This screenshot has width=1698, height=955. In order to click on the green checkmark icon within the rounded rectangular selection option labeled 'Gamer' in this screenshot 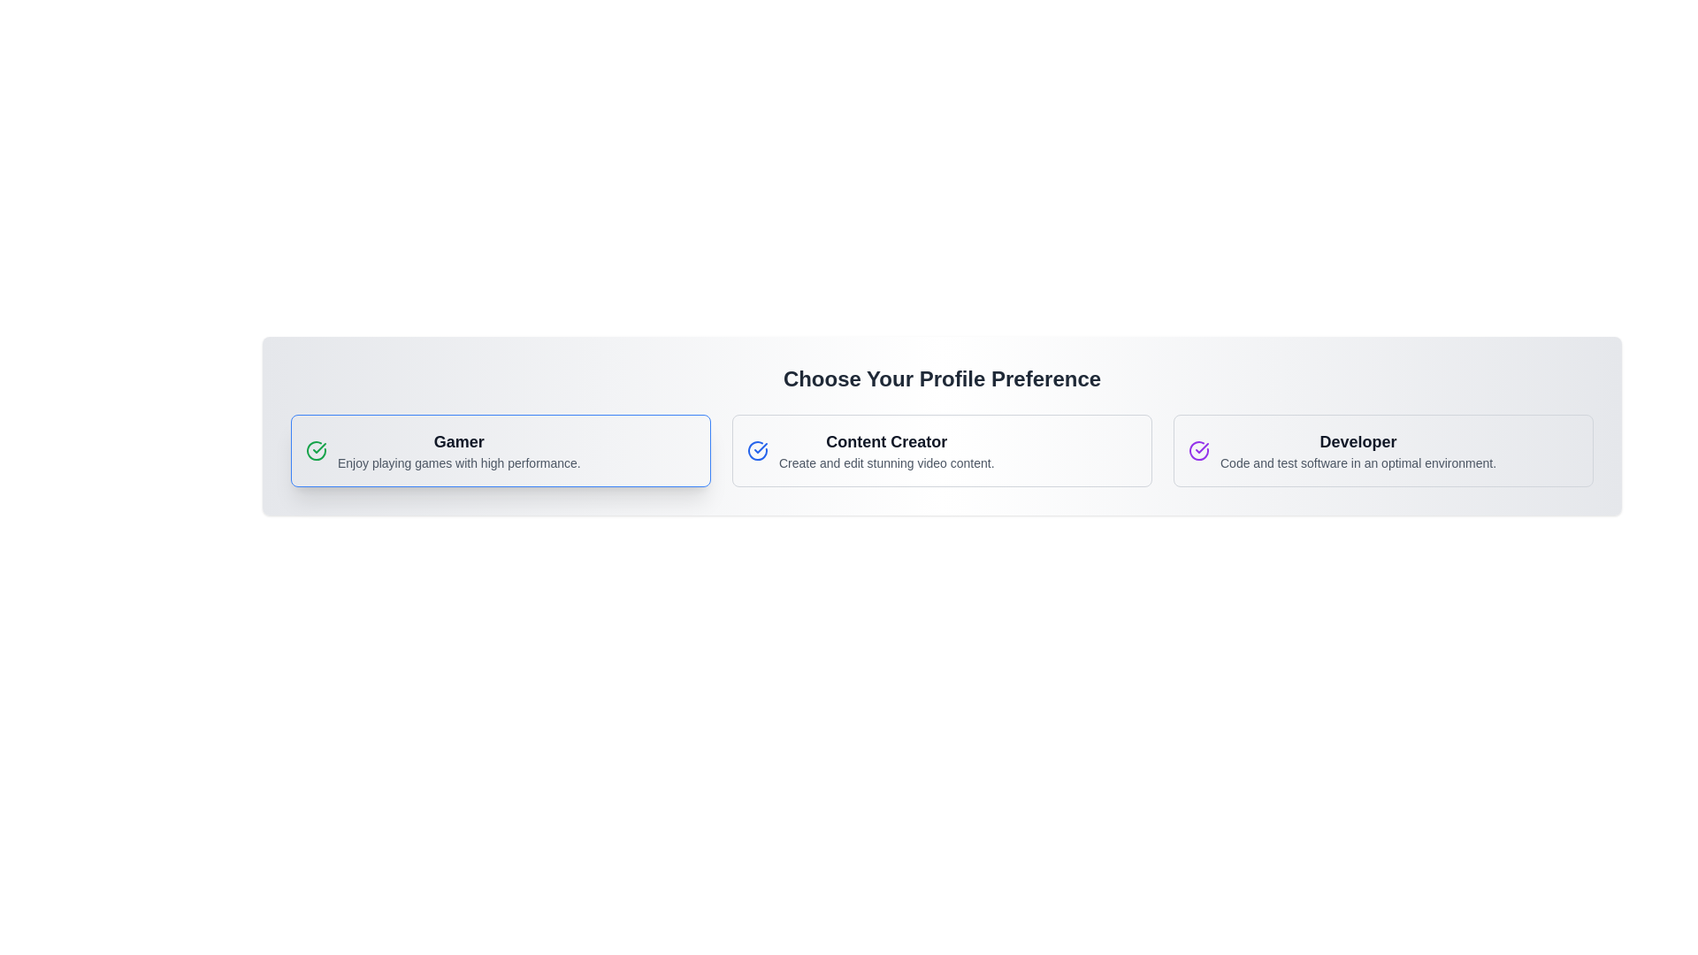, I will do `click(319, 447)`.